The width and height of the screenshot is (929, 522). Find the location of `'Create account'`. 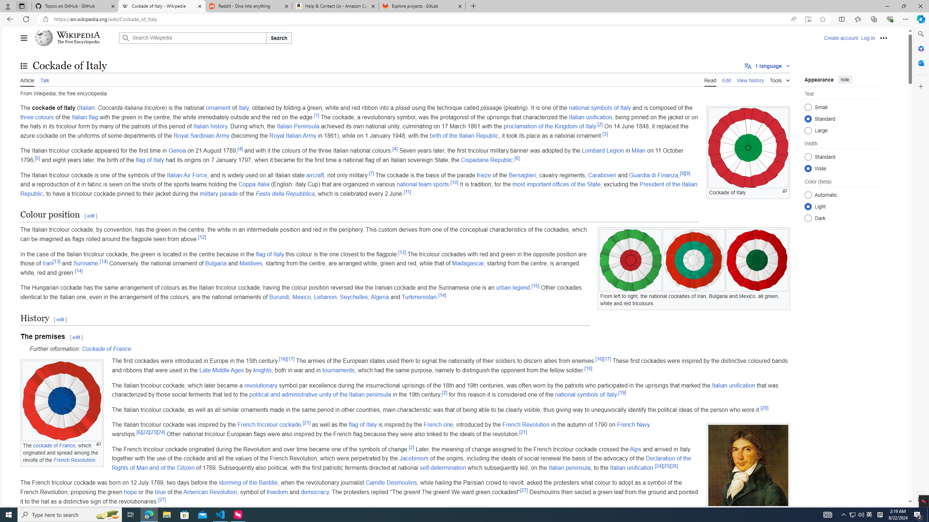

'Create account' is located at coordinates (840, 37).